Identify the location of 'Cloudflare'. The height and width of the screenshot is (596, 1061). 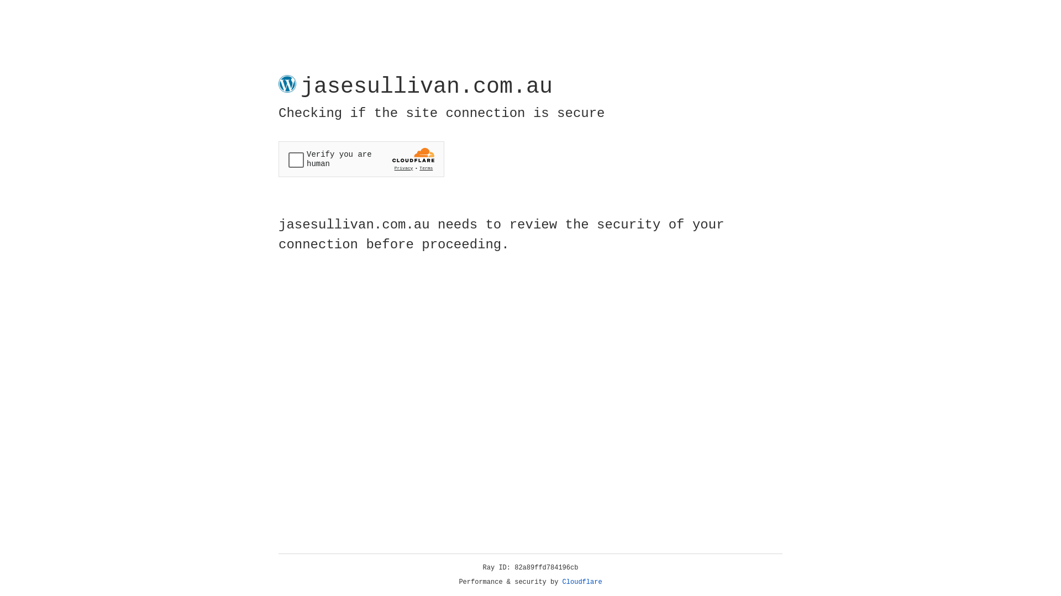
(582, 582).